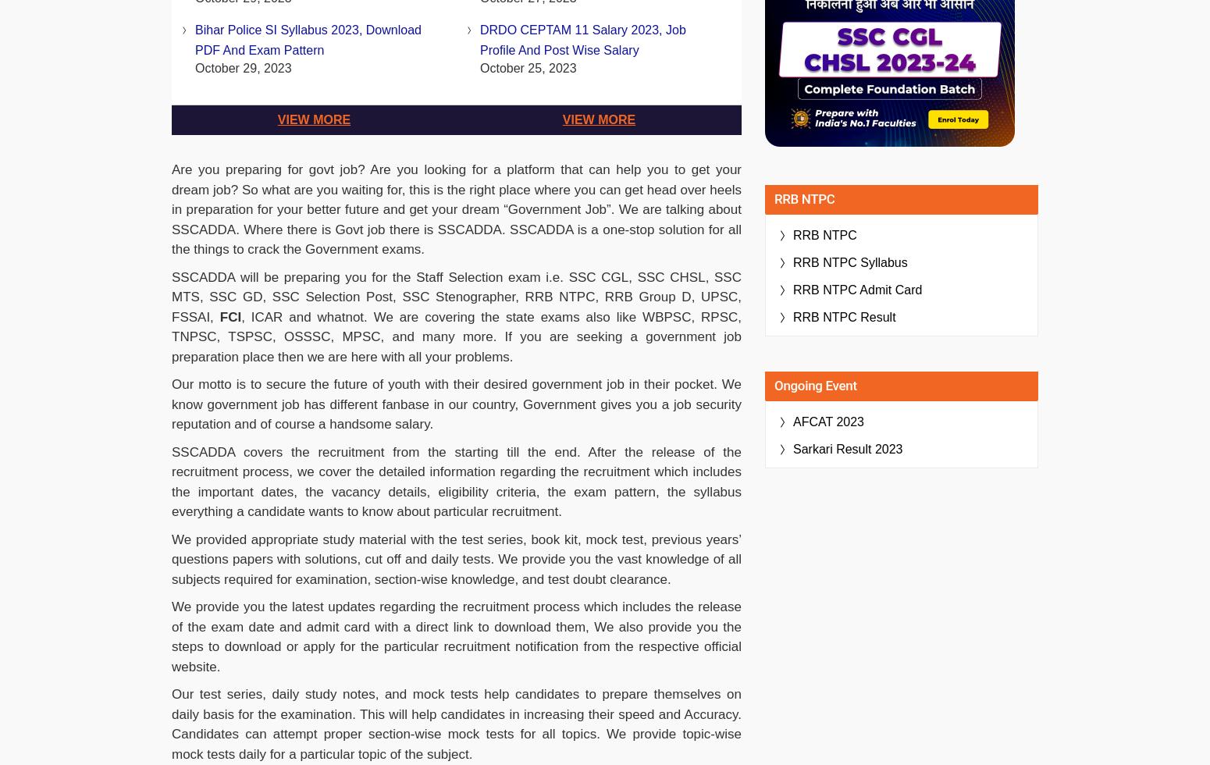  Describe the element at coordinates (847, 449) in the screenshot. I see `'Sarkari Result 2023'` at that location.